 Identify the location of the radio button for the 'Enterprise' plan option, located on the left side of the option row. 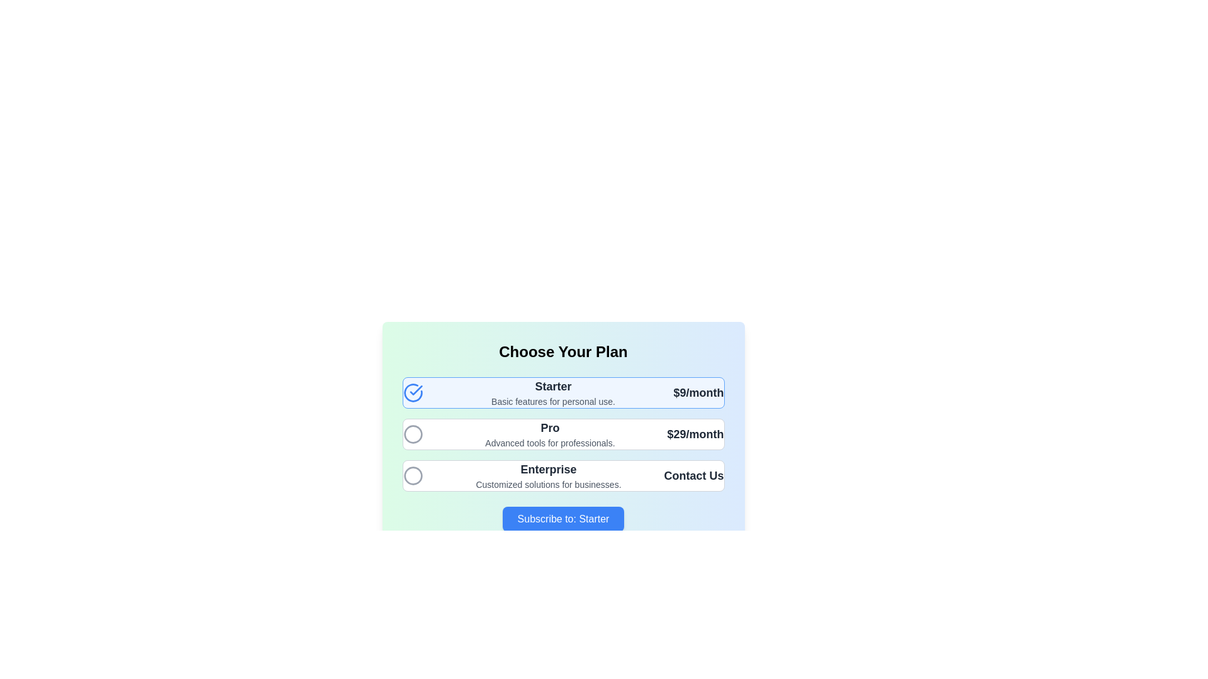
(413, 475).